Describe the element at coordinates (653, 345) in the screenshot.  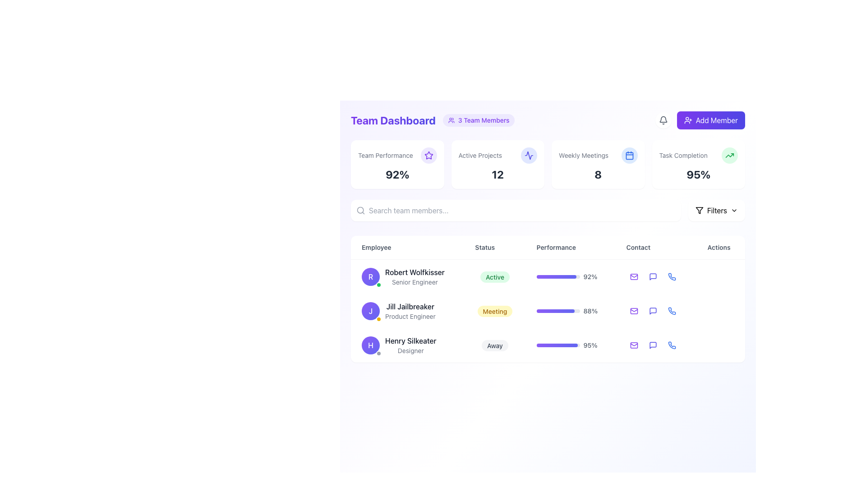
I see `the messaging icon located in the 'Actions' column, third row from the top, second icon in the set` at that location.